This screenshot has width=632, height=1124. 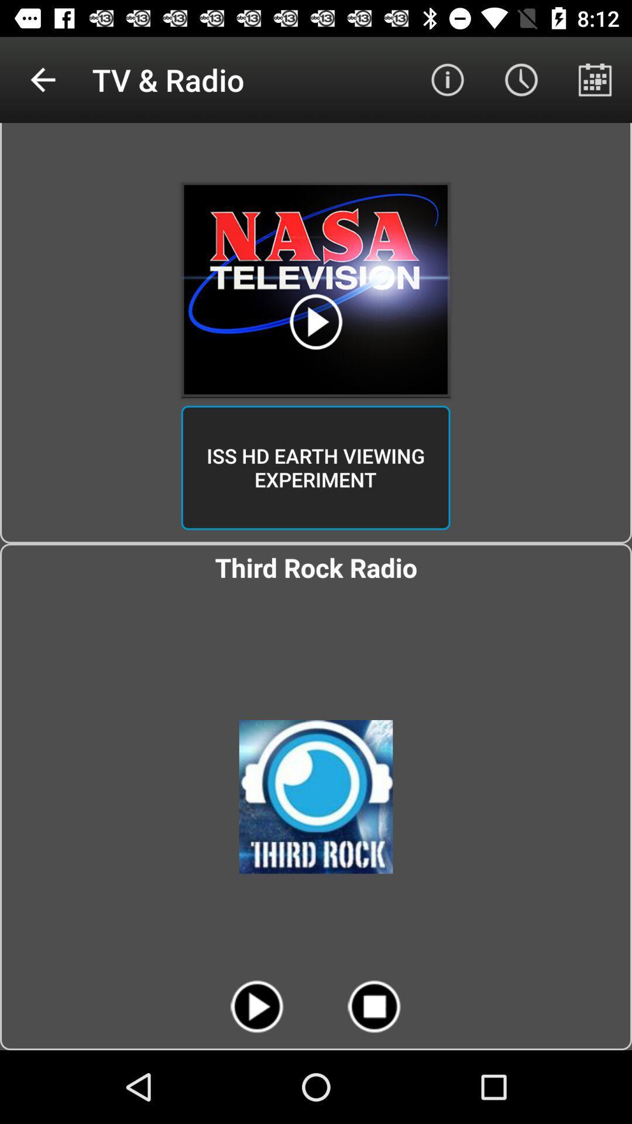 What do you see at coordinates (595, 80) in the screenshot?
I see `the icon on the top right of the web page beside clock icon` at bounding box center [595, 80].